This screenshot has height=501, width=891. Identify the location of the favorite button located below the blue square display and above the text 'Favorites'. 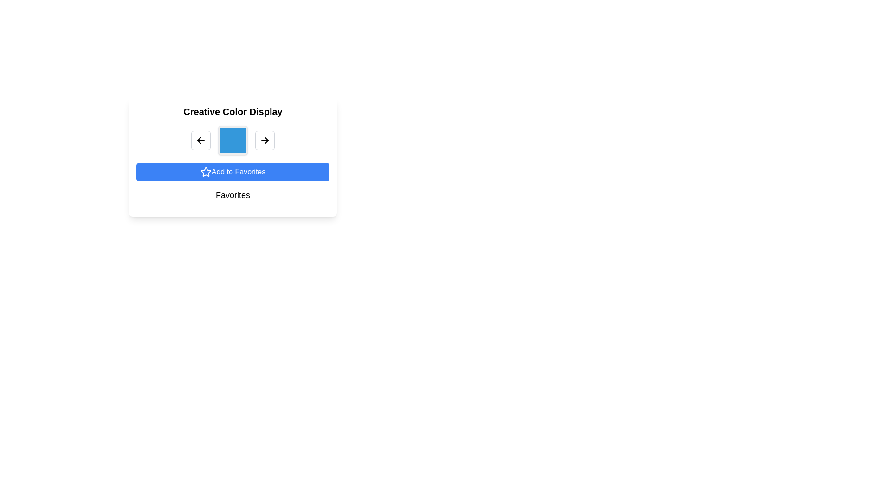
(233, 172).